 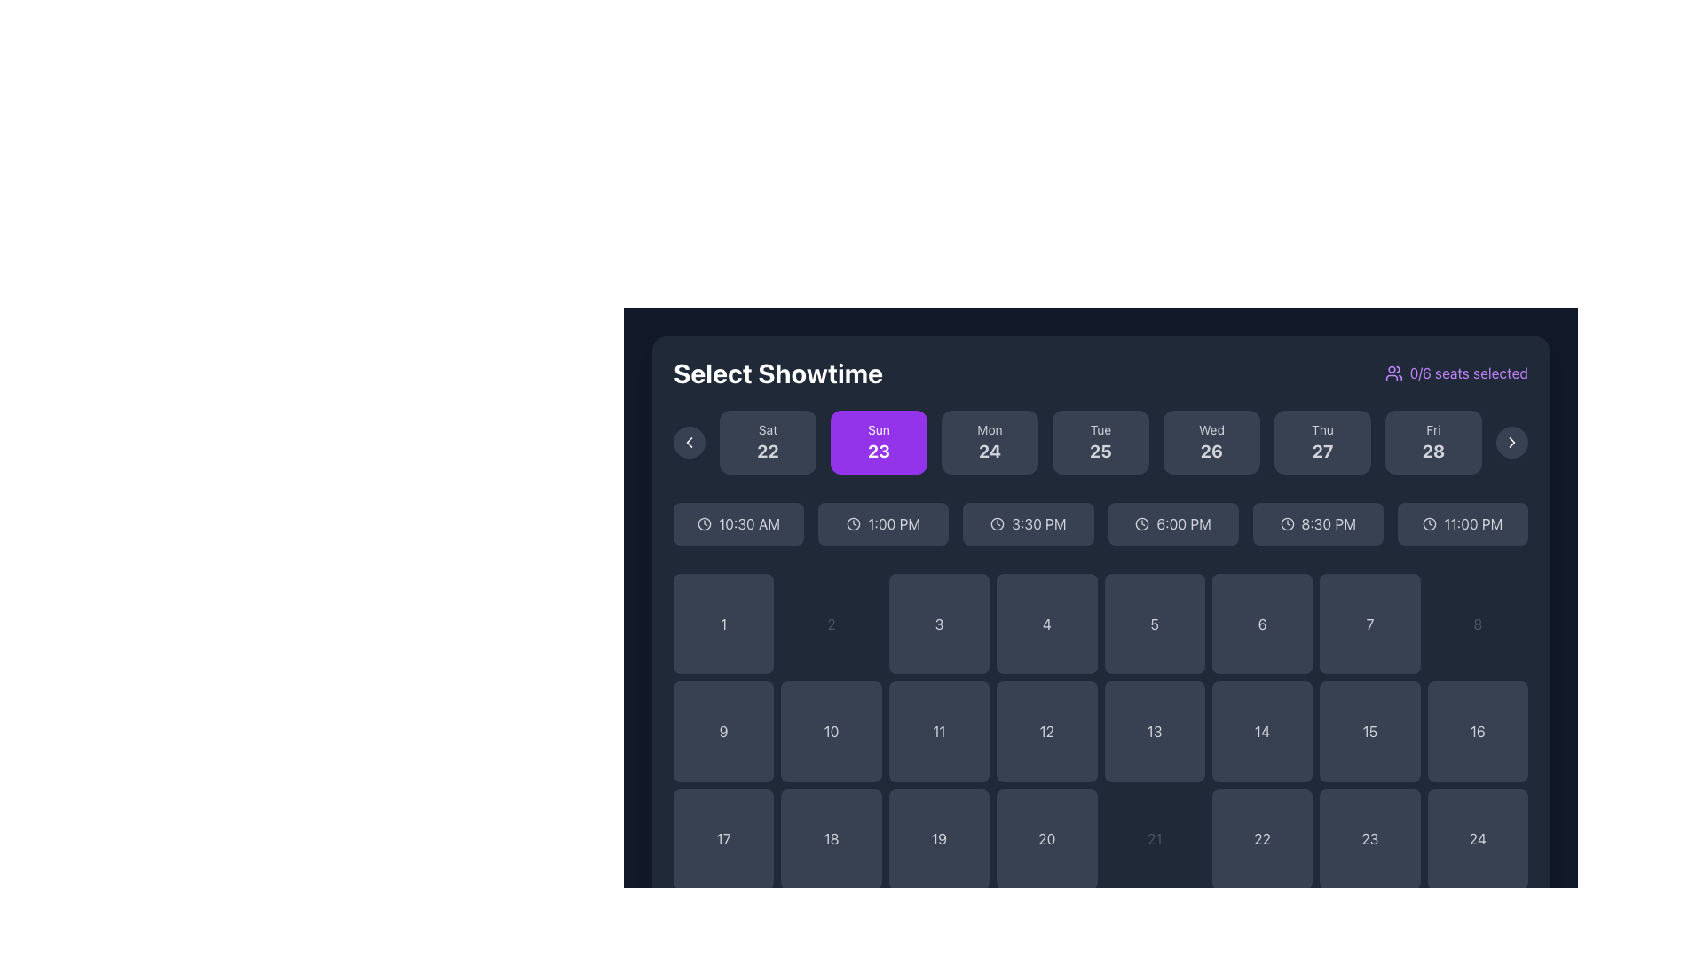 What do you see at coordinates (738, 522) in the screenshot?
I see `the first time selection button with a dark gray background, clock icon, and text '10:30 AM'` at bounding box center [738, 522].